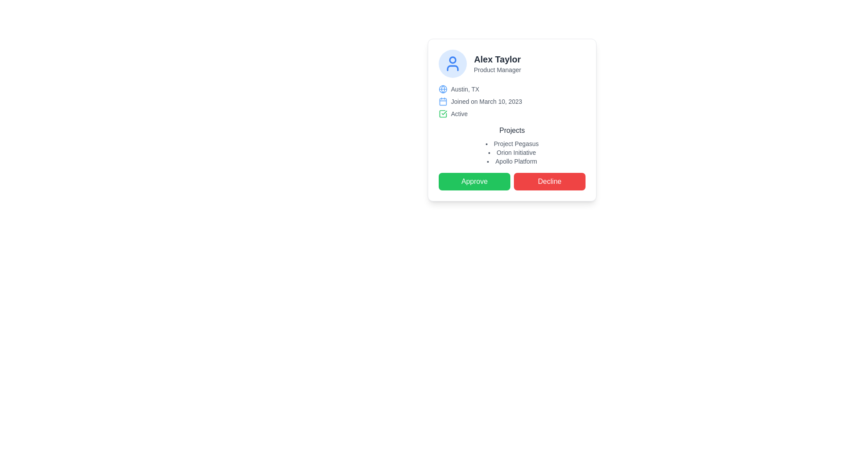 The height and width of the screenshot is (475, 844). I want to click on details displayed in the 'Projects' Text Display element, which includes the title and the list of project entries, so click(512, 145).